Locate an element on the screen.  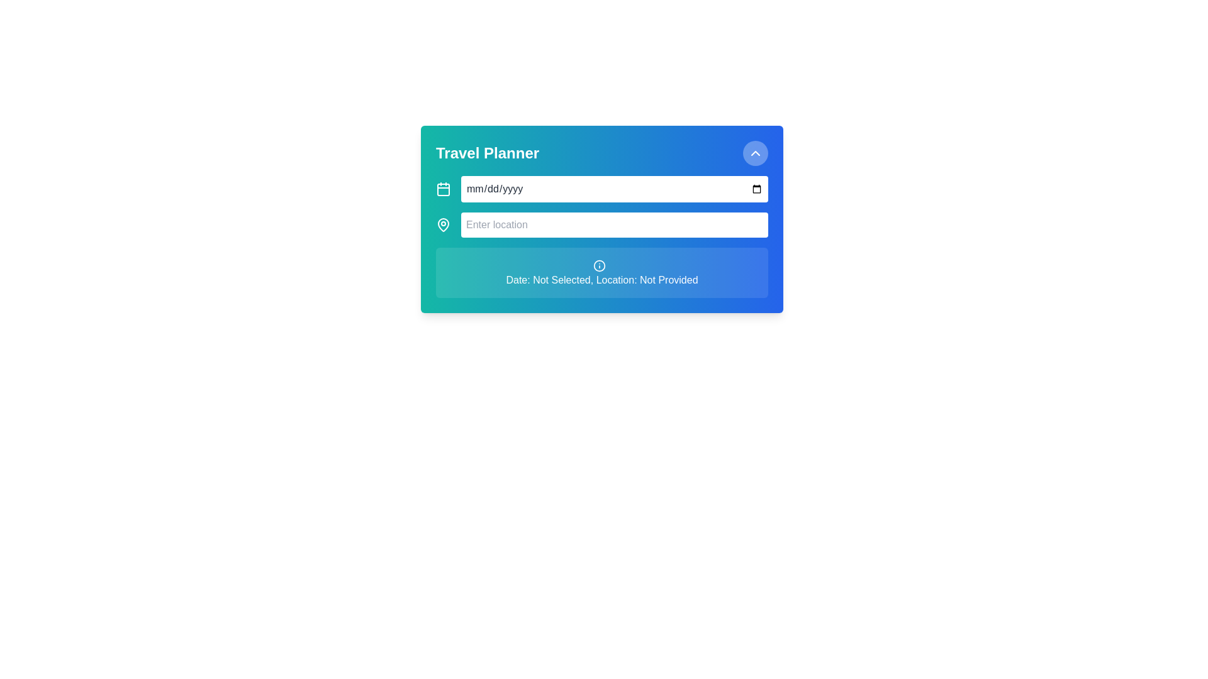
the Chevron icon located at the top-right corner of the 'Travel Planner' card, which is represented by an upward chevron design within a circular clickable area is located at coordinates (755, 152).